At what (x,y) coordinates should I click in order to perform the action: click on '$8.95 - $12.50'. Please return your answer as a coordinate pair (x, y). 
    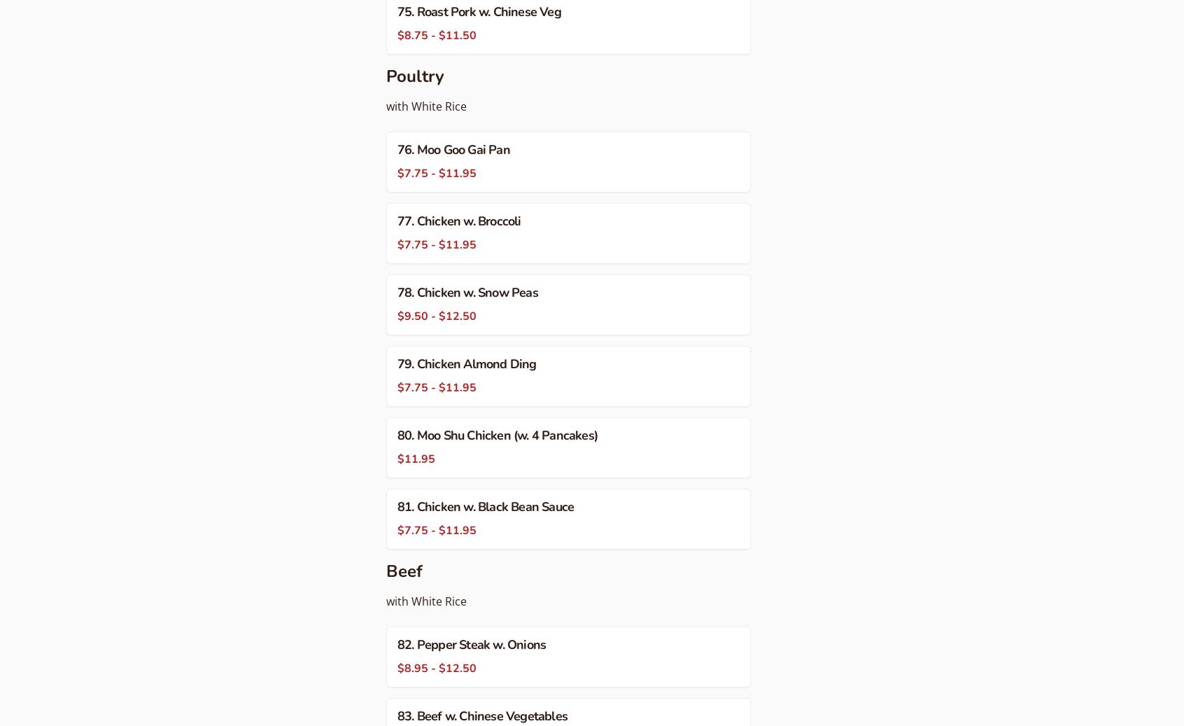
    Looking at the image, I should click on (436, 668).